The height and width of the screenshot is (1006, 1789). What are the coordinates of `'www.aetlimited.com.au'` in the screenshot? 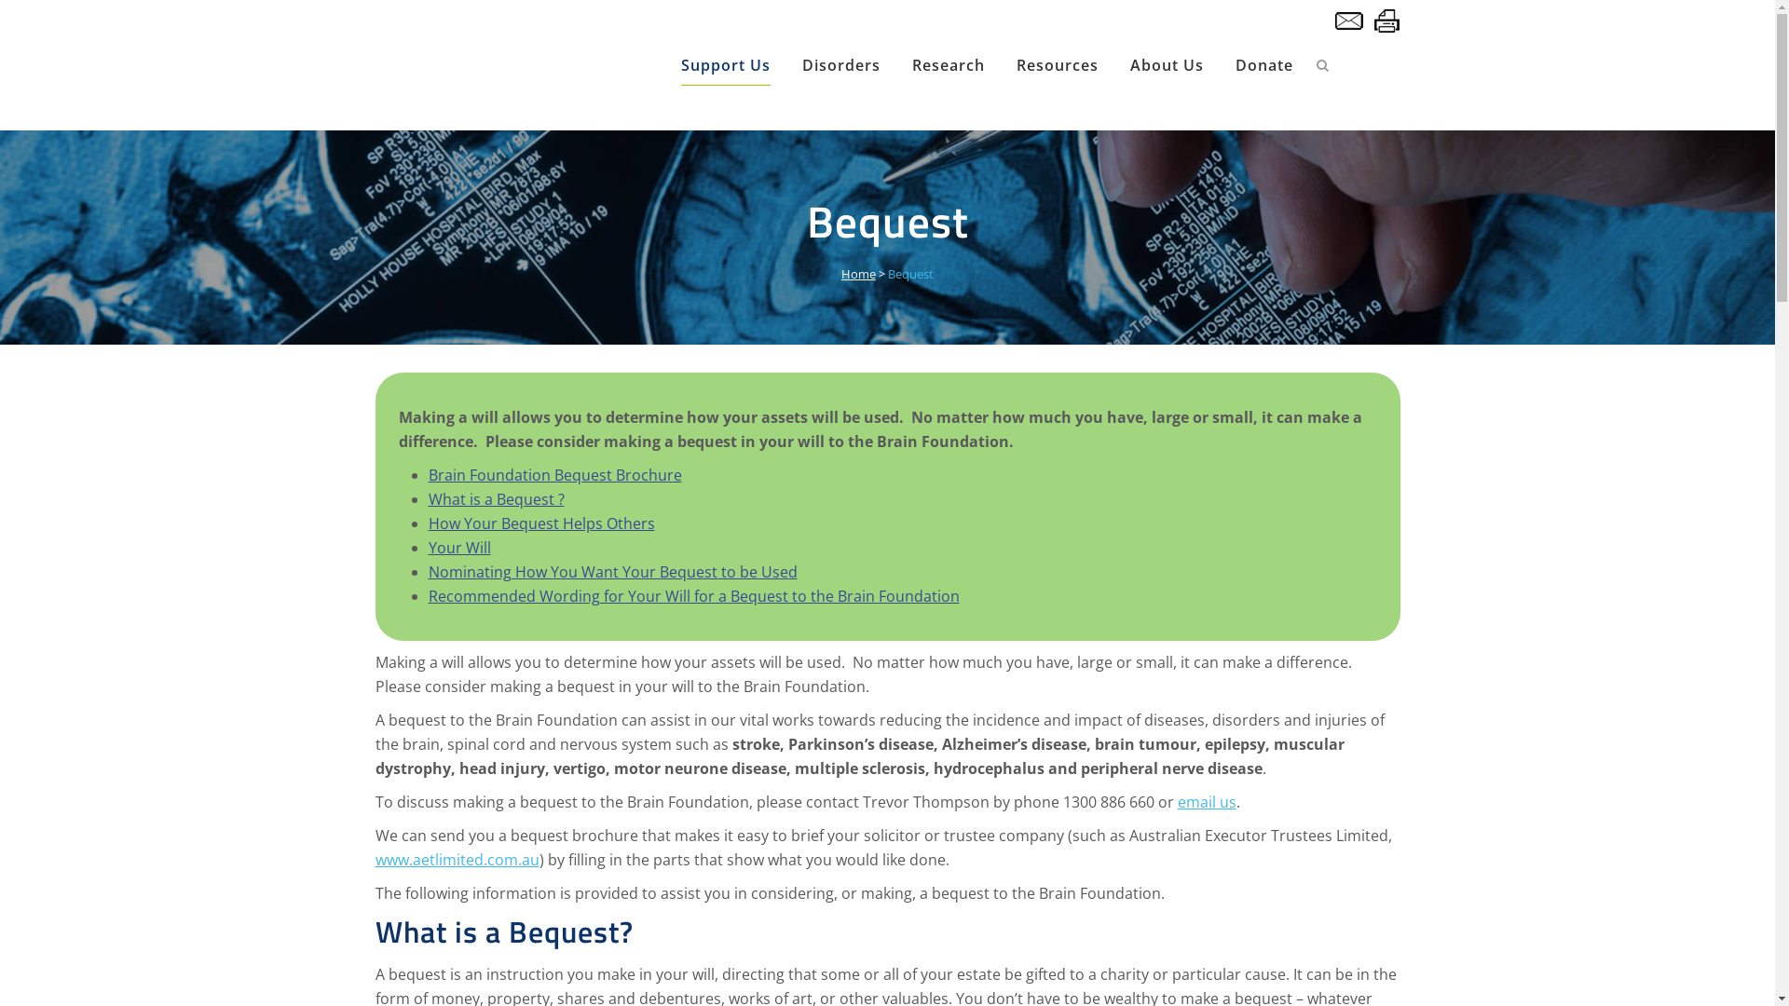 It's located at (456, 859).